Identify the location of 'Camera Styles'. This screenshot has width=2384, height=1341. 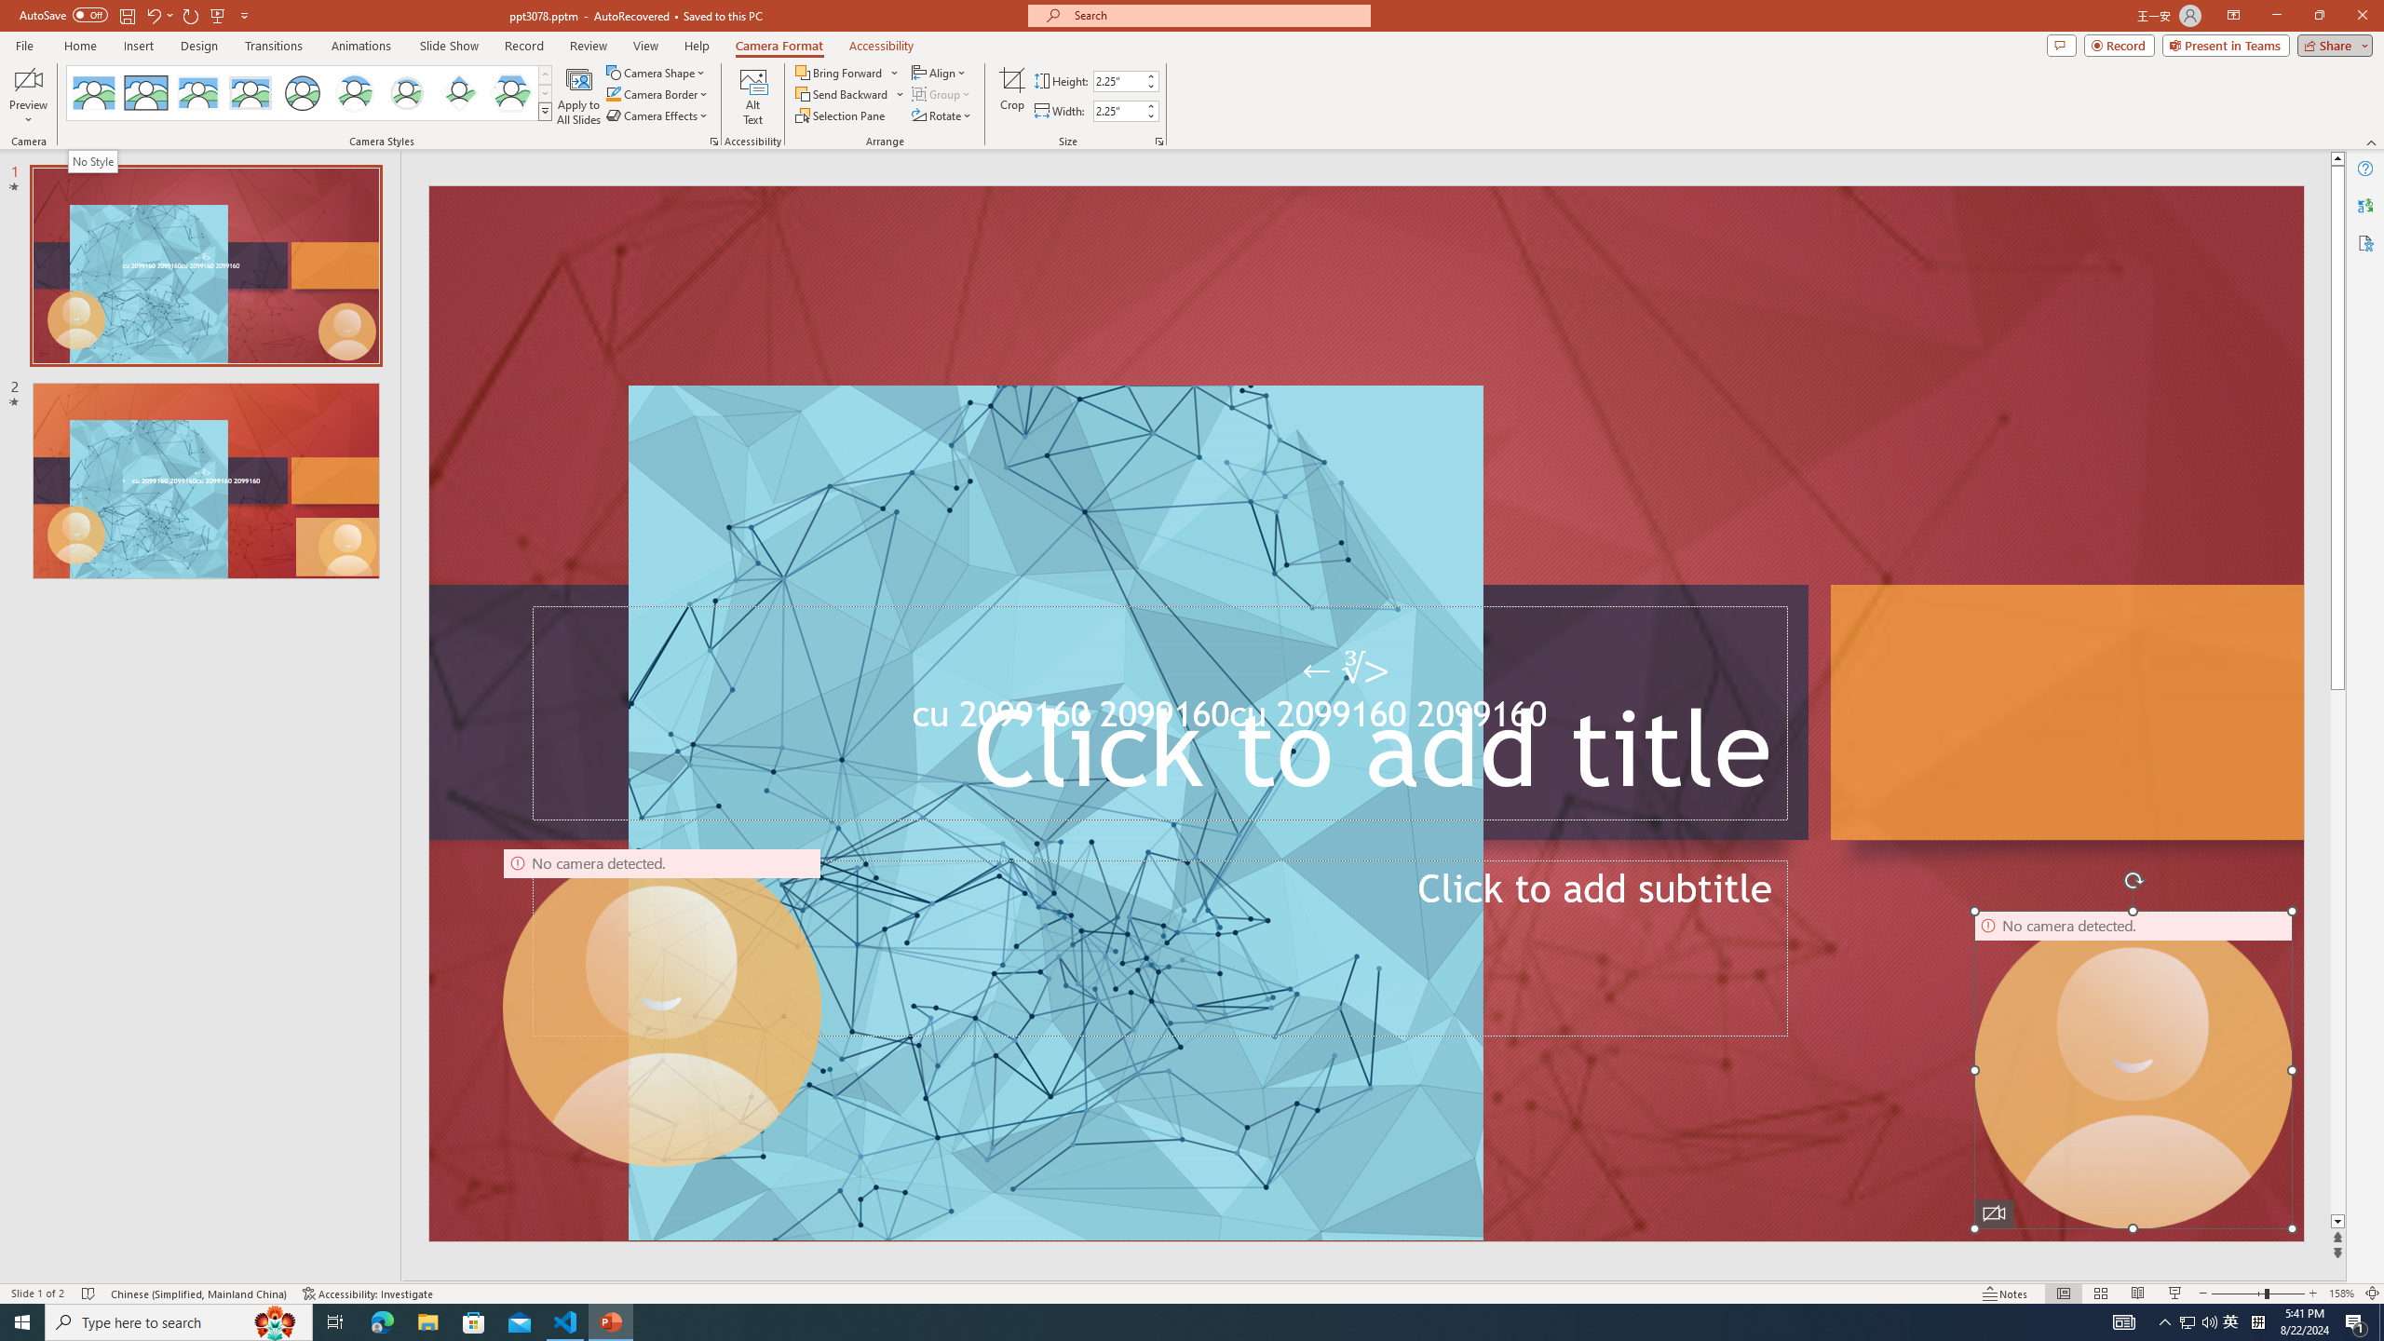
(546, 110).